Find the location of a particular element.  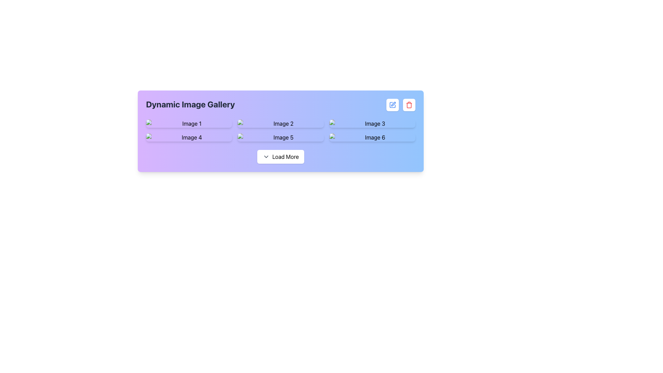

the first image in the grid gallery layout that displays the text 'Image 1', which is located in the top-left corner of the interface is located at coordinates (189, 123).